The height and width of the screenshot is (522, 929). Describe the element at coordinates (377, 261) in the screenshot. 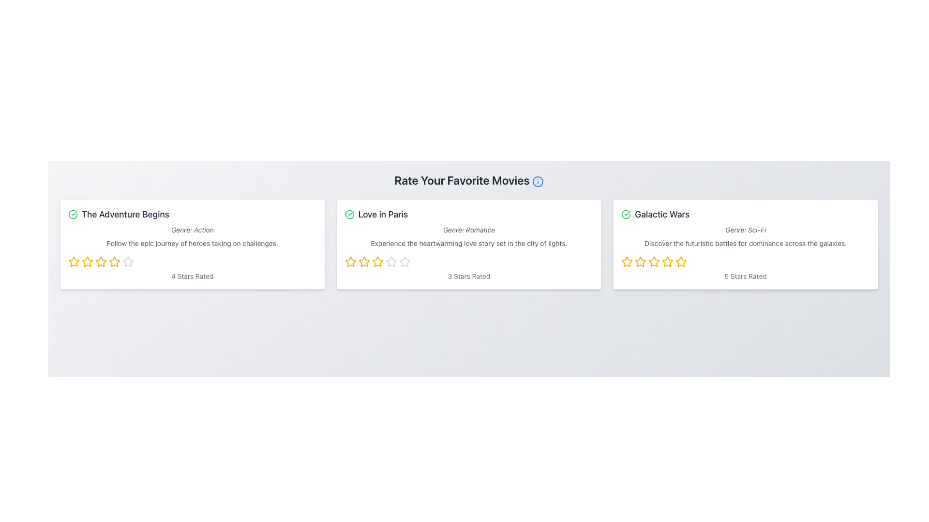

I see `the second hollow yellow star icon in the rating section of the 'Love in Paris' card` at that location.